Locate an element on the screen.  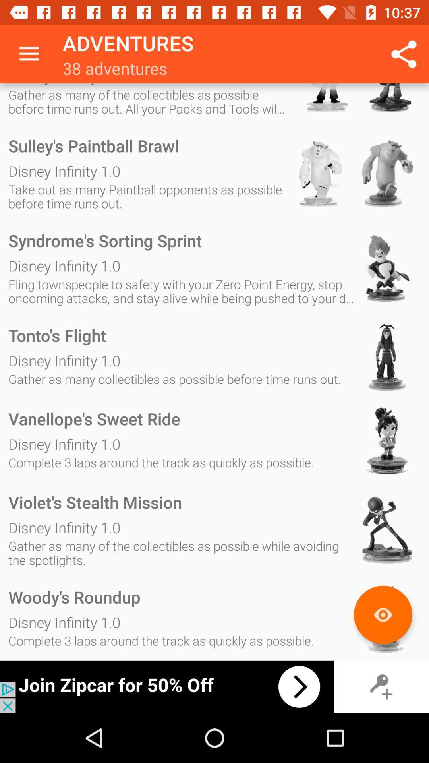
advertisement for discounted sign up for zipcar is located at coordinates (166, 686).